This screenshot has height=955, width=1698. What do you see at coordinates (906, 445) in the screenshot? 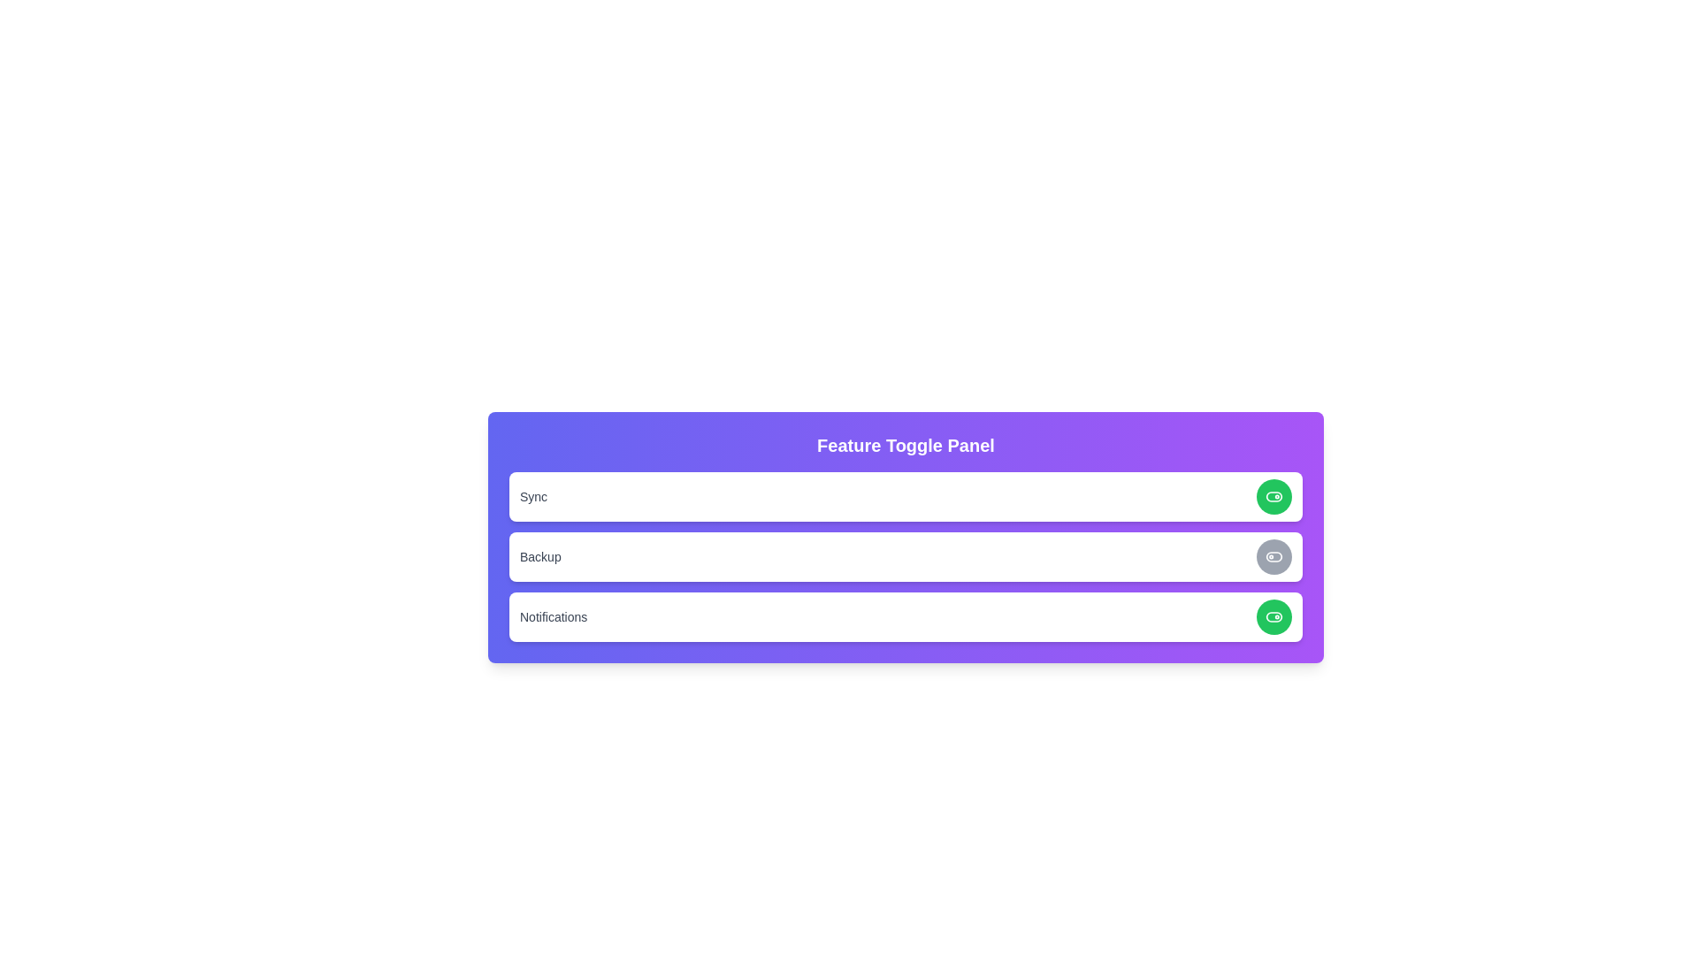
I see `the 'Feature Toggle Panel' header text by double-clicking on it` at bounding box center [906, 445].